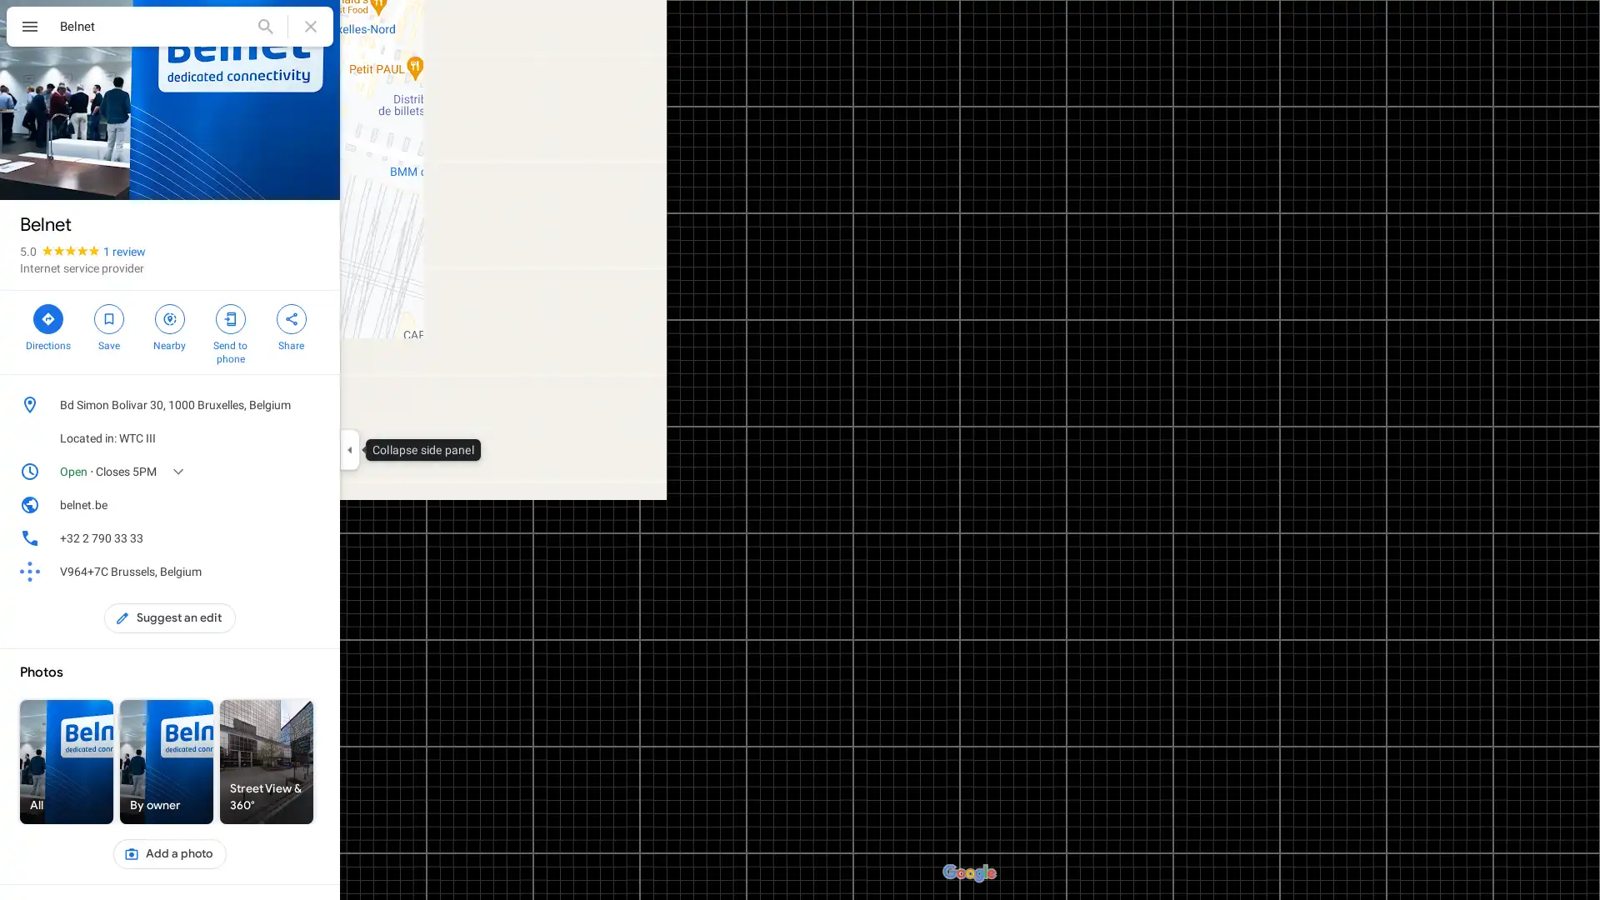  What do you see at coordinates (229, 332) in the screenshot?
I see `Send Belnet to your phone` at bounding box center [229, 332].